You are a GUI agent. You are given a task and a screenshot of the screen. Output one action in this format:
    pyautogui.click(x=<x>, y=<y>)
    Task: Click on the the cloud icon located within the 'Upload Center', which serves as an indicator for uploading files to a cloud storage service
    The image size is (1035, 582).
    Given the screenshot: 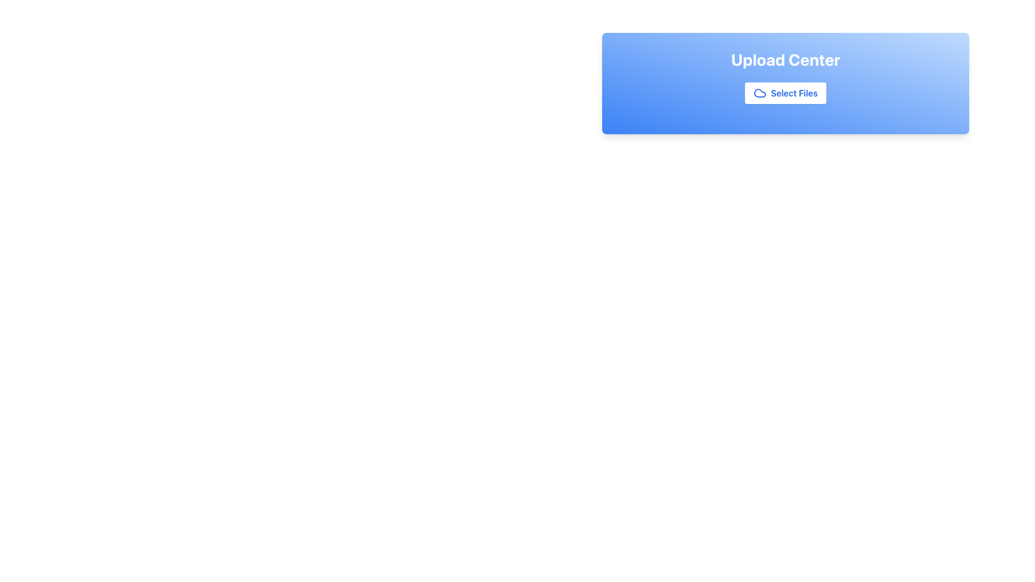 What is the action you would take?
    pyautogui.click(x=760, y=93)
    